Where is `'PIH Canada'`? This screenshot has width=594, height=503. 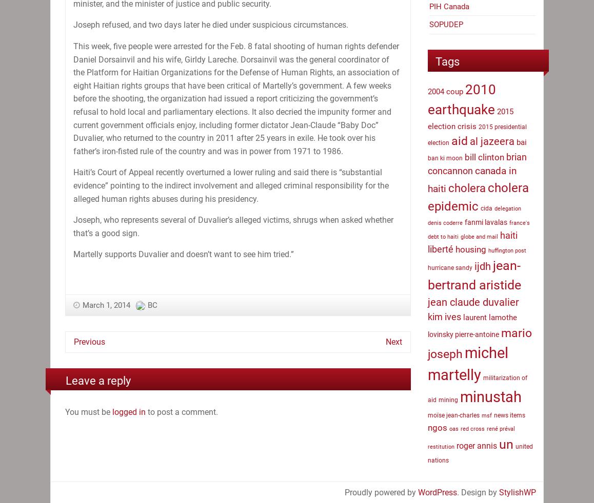
'PIH Canada' is located at coordinates (429, 6).